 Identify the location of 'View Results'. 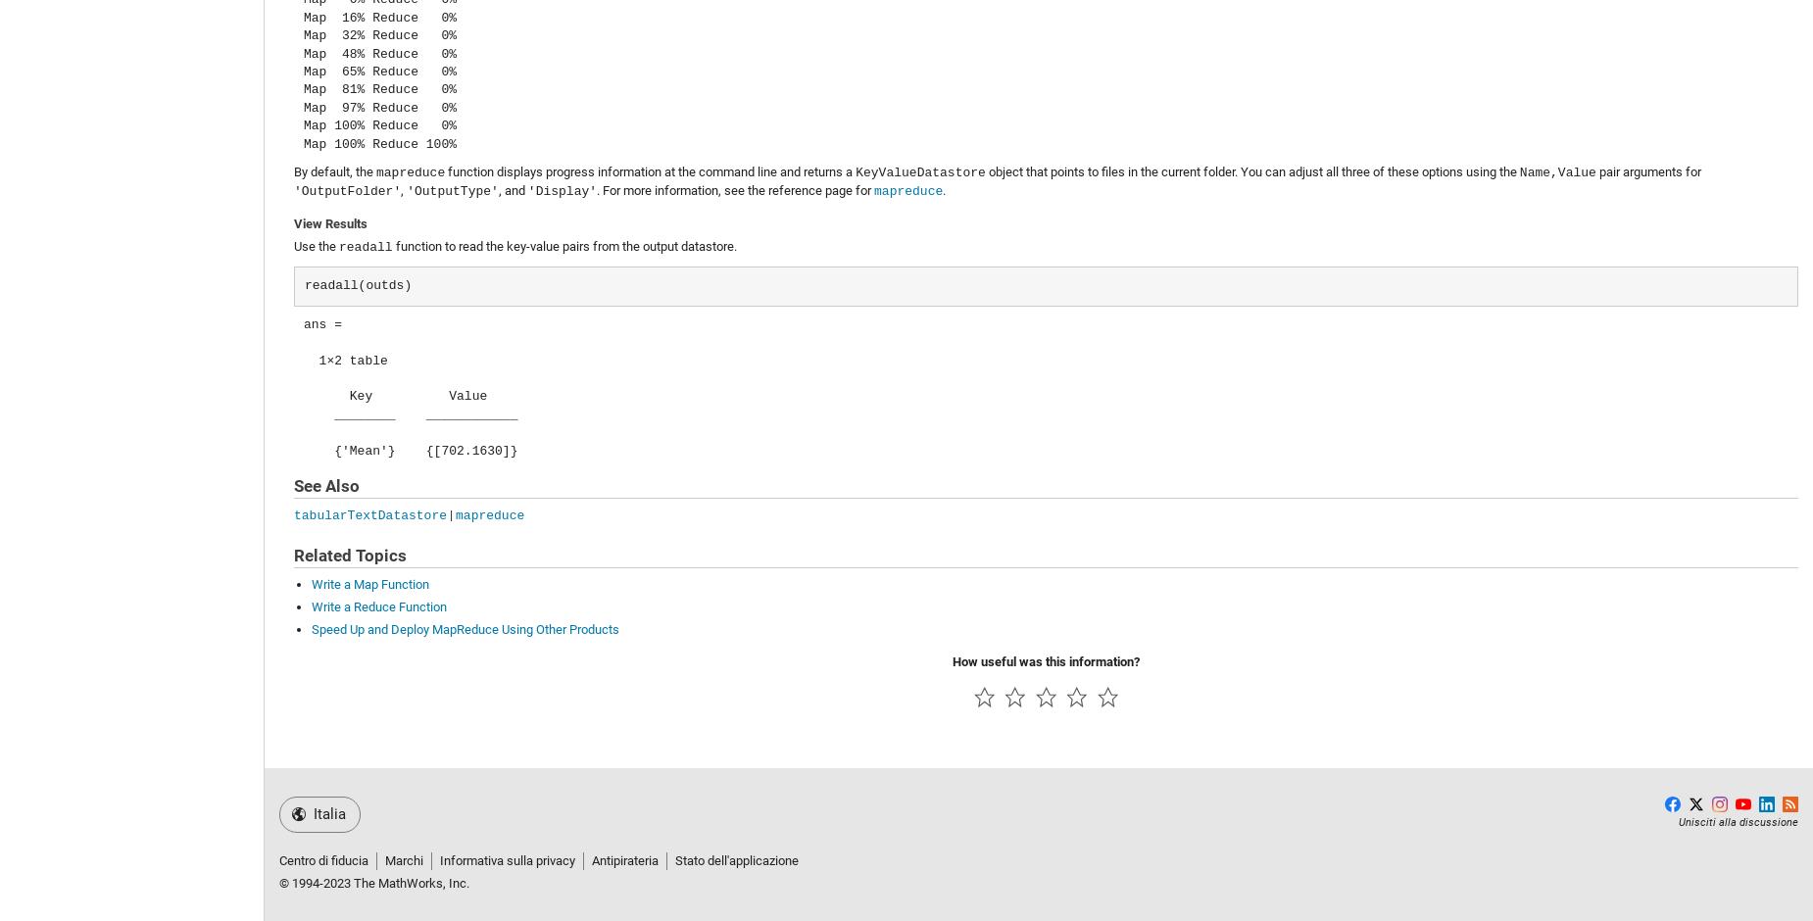
(329, 222).